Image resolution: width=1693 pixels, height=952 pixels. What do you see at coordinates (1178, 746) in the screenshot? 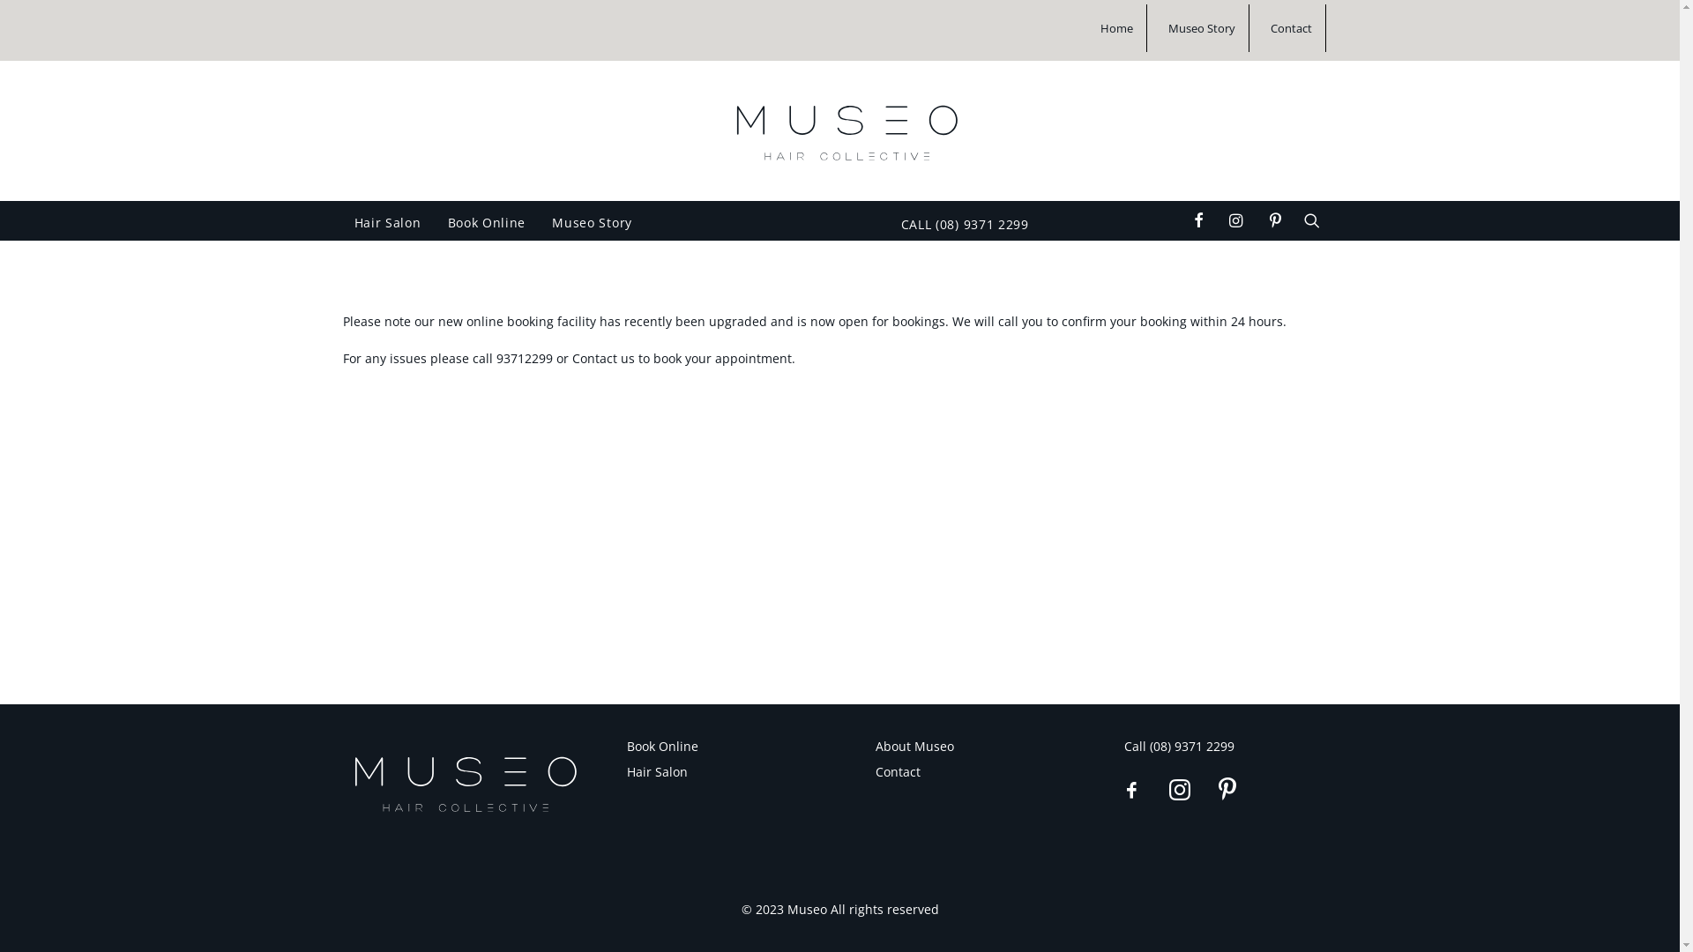
I see `'Call (08) 9371 2299'` at bounding box center [1178, 746].